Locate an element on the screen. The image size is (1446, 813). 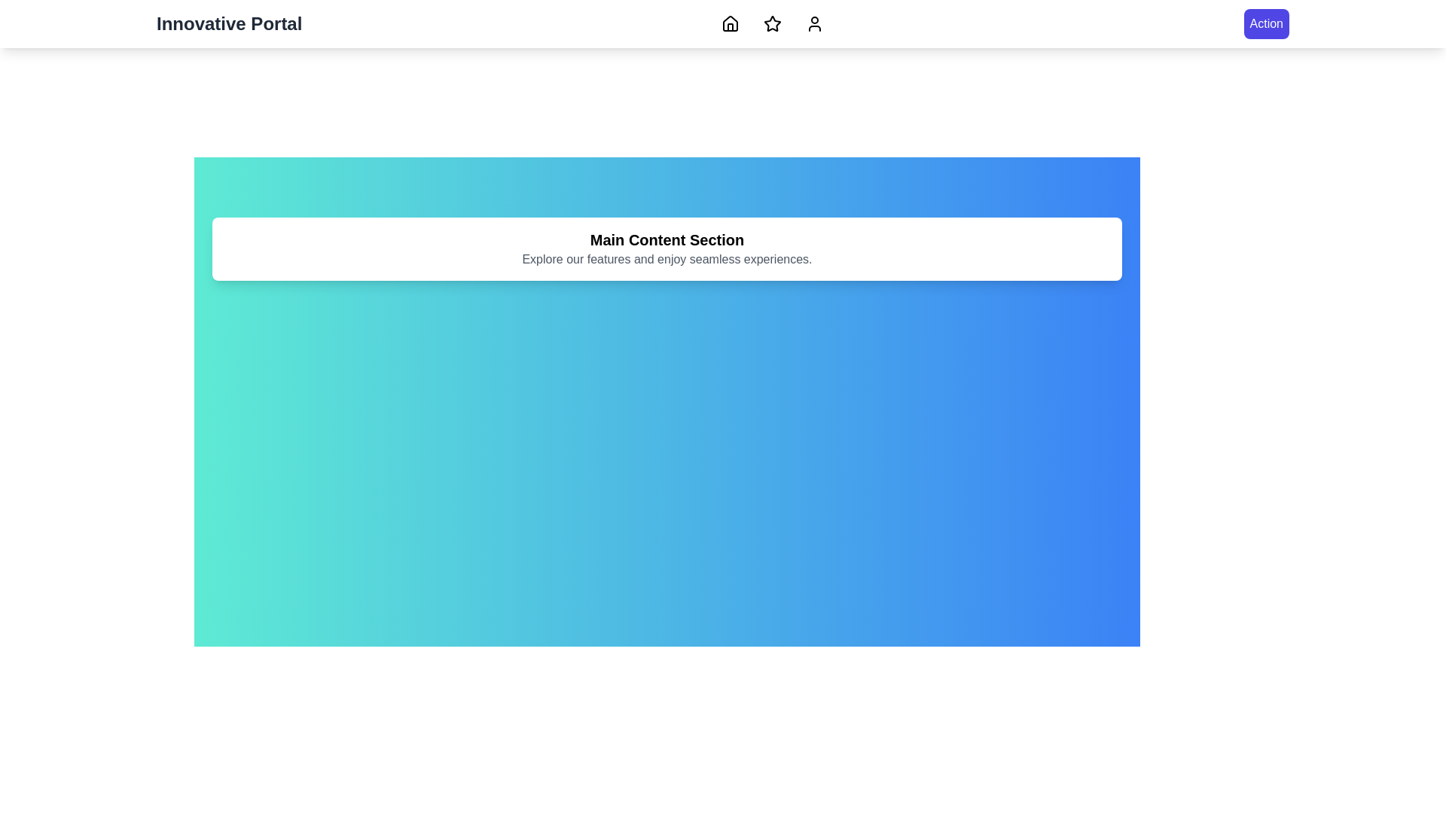
the navigation button corresponding to User is located at coordinates (813, 23).